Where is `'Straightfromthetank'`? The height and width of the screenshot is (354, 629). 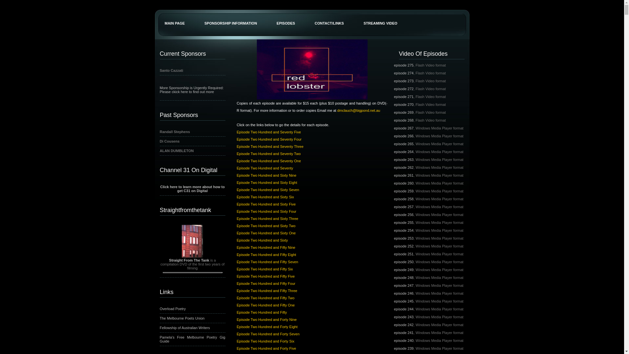
'Straightfromthetank' is located at coordinates (192, 209).